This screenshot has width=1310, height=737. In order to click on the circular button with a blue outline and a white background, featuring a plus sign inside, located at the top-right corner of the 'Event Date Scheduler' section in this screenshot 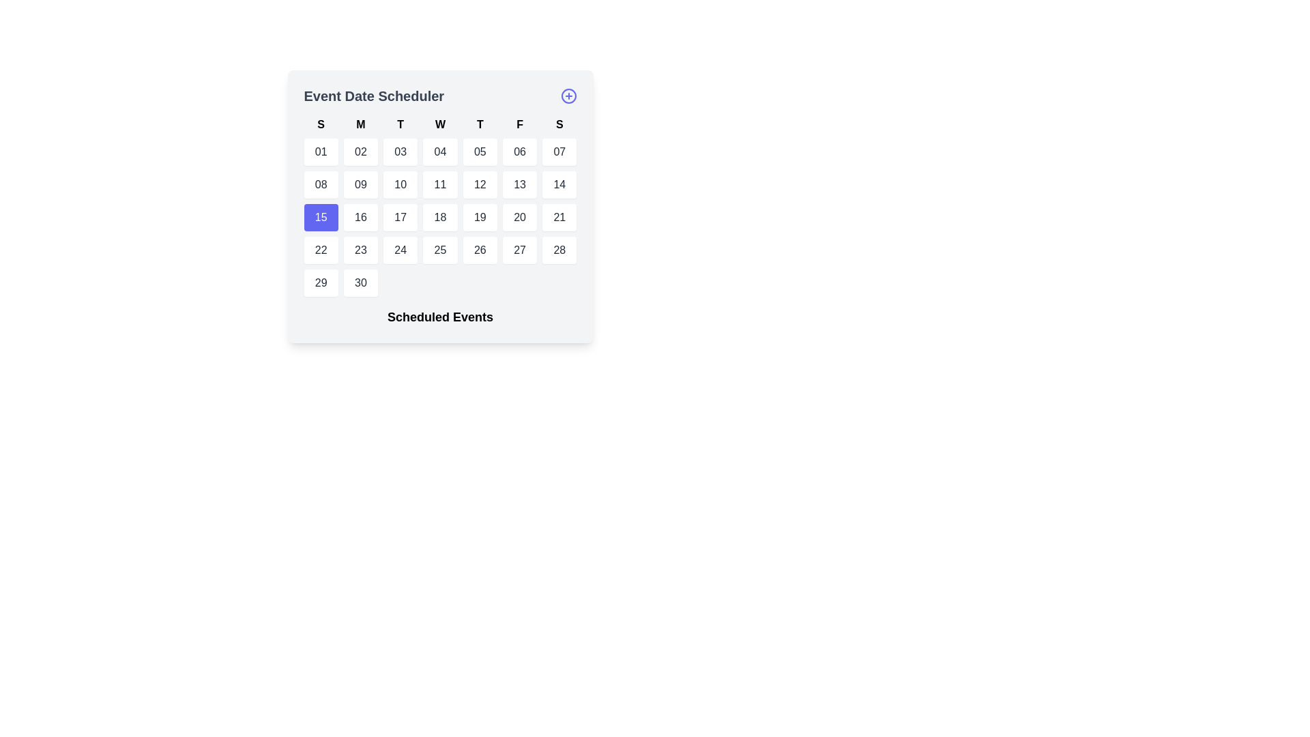, I will do `click(568, 96)`.